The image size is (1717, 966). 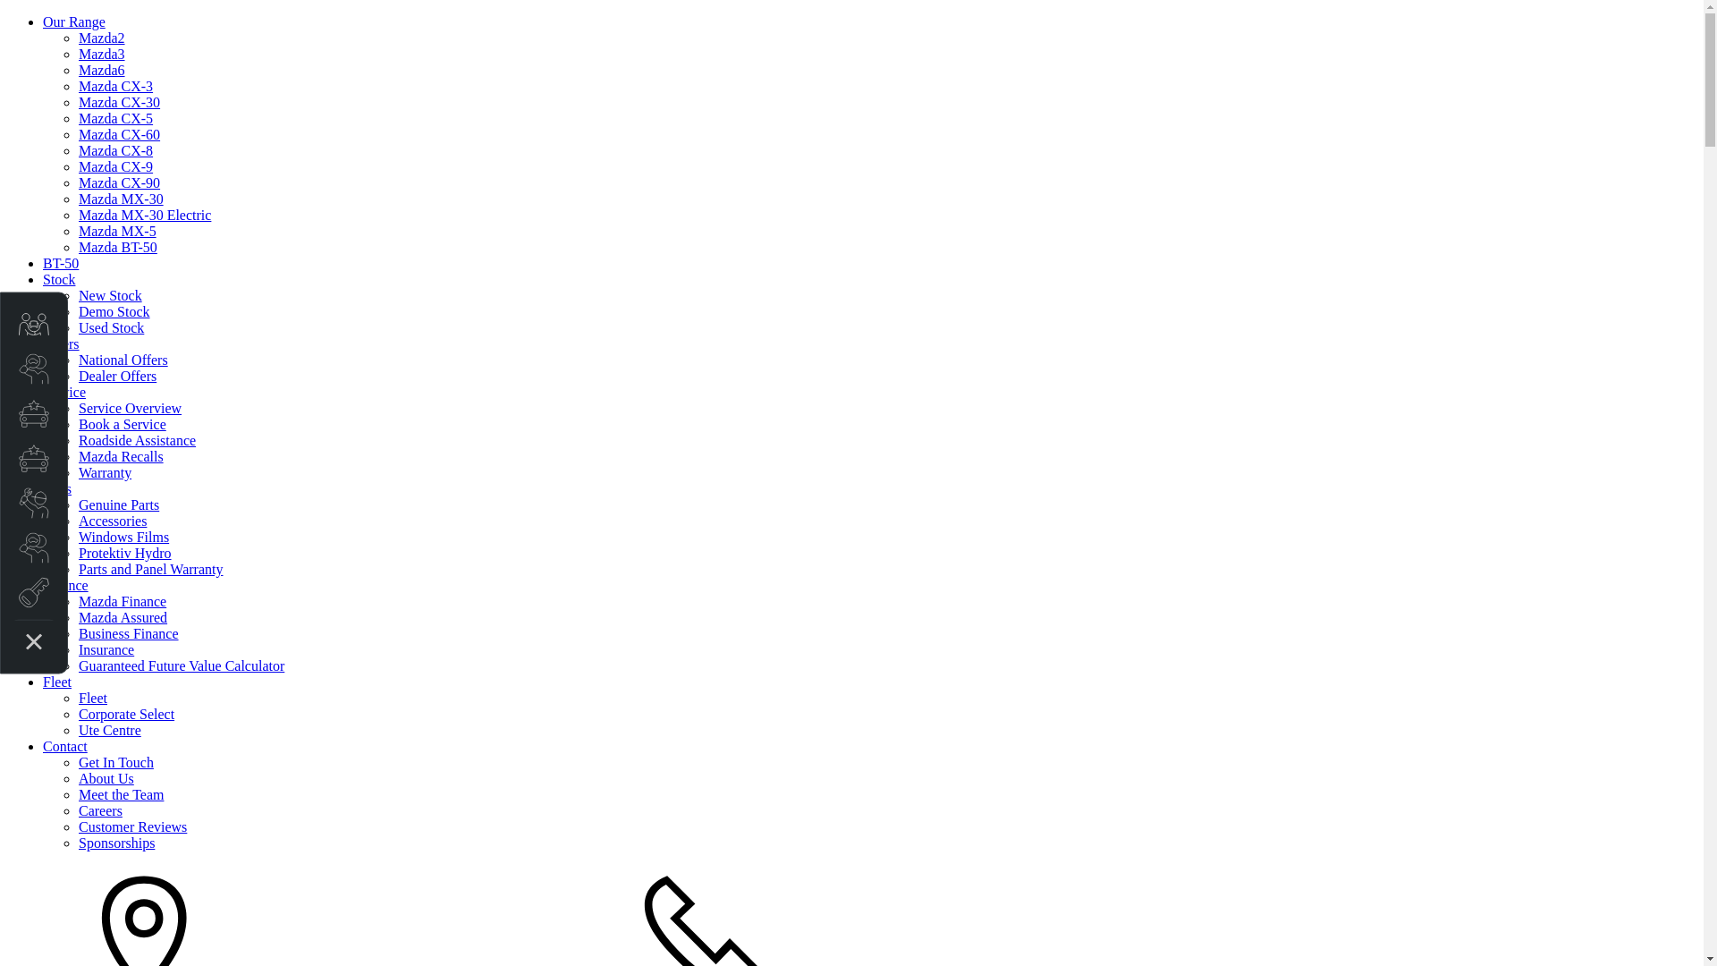 What do you see at coordinates (101, 53) in the screenshot?
I see `'Mazda3'` at bounding box center [101, 53].